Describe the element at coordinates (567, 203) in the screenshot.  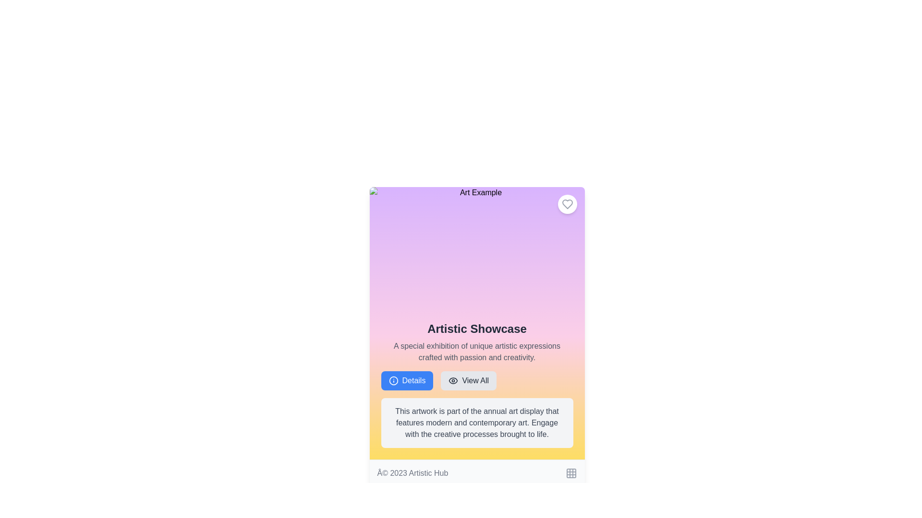
I see `the heart icon located inside the circular button at the top-right corner of the 'Artistic Showcase' card for any state-change indication` at that location.